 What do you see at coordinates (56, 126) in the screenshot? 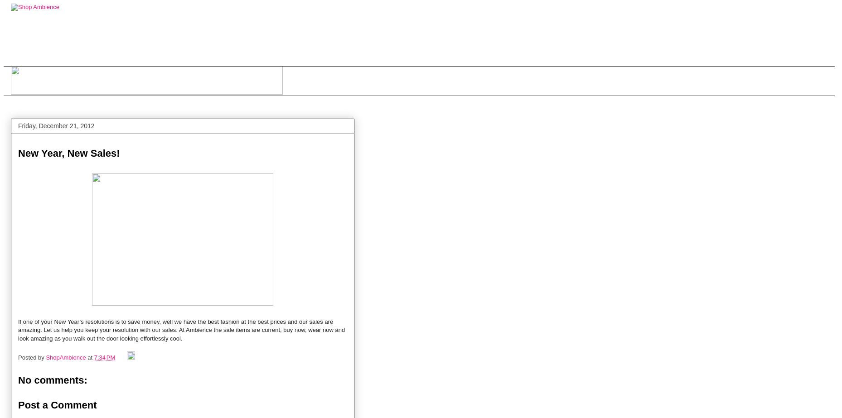
I see `'Friday, December 21, 2012'` at bounding box center [56, 126].